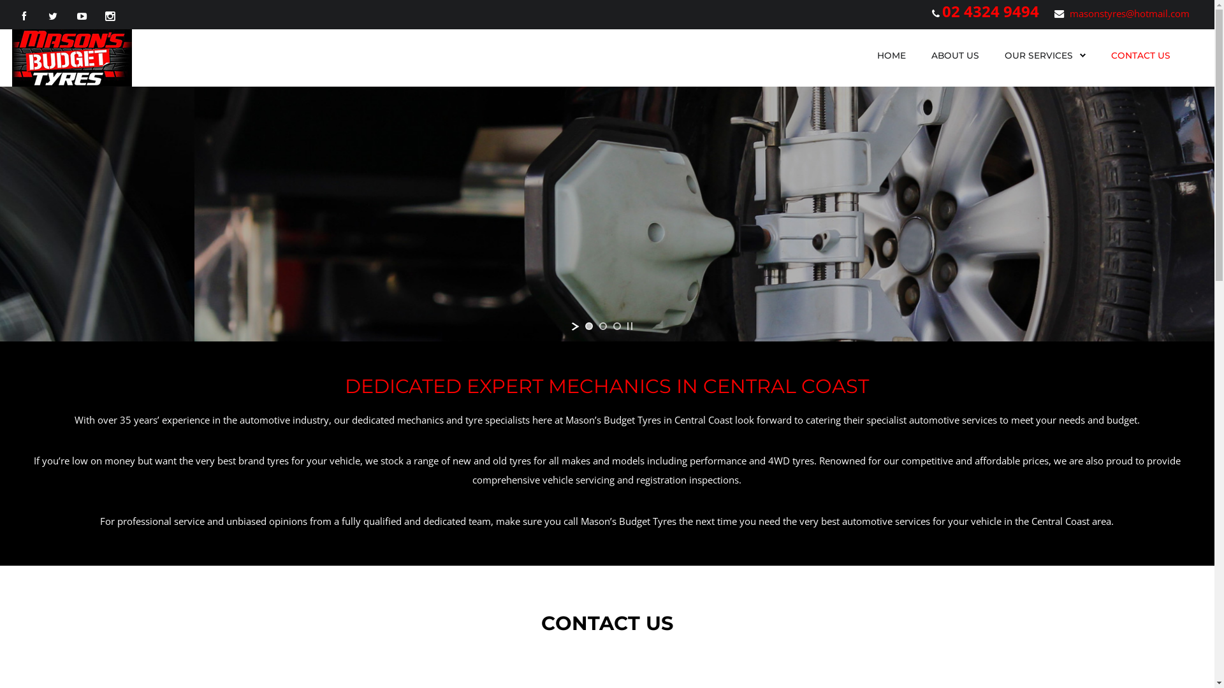 The width and height of the screenshot is (1224, 688). What do you see at coordinates (1038, 55) in the screenshot?
I see `'OUR SERVICES'` at bounding box center [1038, 55].